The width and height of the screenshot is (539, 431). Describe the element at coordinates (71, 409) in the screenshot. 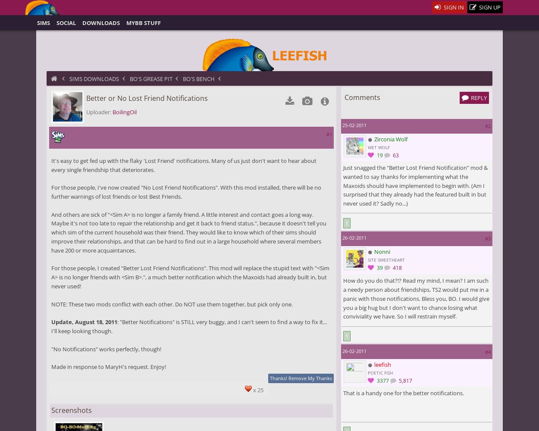

I see `'Screenshots'` at that location.